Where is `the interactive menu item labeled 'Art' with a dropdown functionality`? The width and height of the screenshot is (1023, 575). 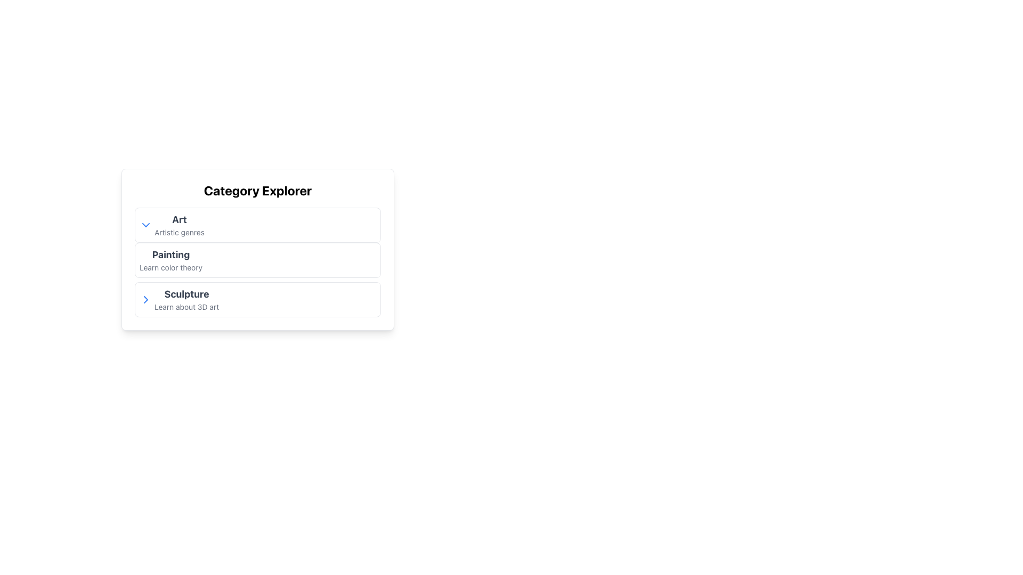
the interactive menu item labeled 'Art' with a dropdown functionality is located at coordinates (258, 225).